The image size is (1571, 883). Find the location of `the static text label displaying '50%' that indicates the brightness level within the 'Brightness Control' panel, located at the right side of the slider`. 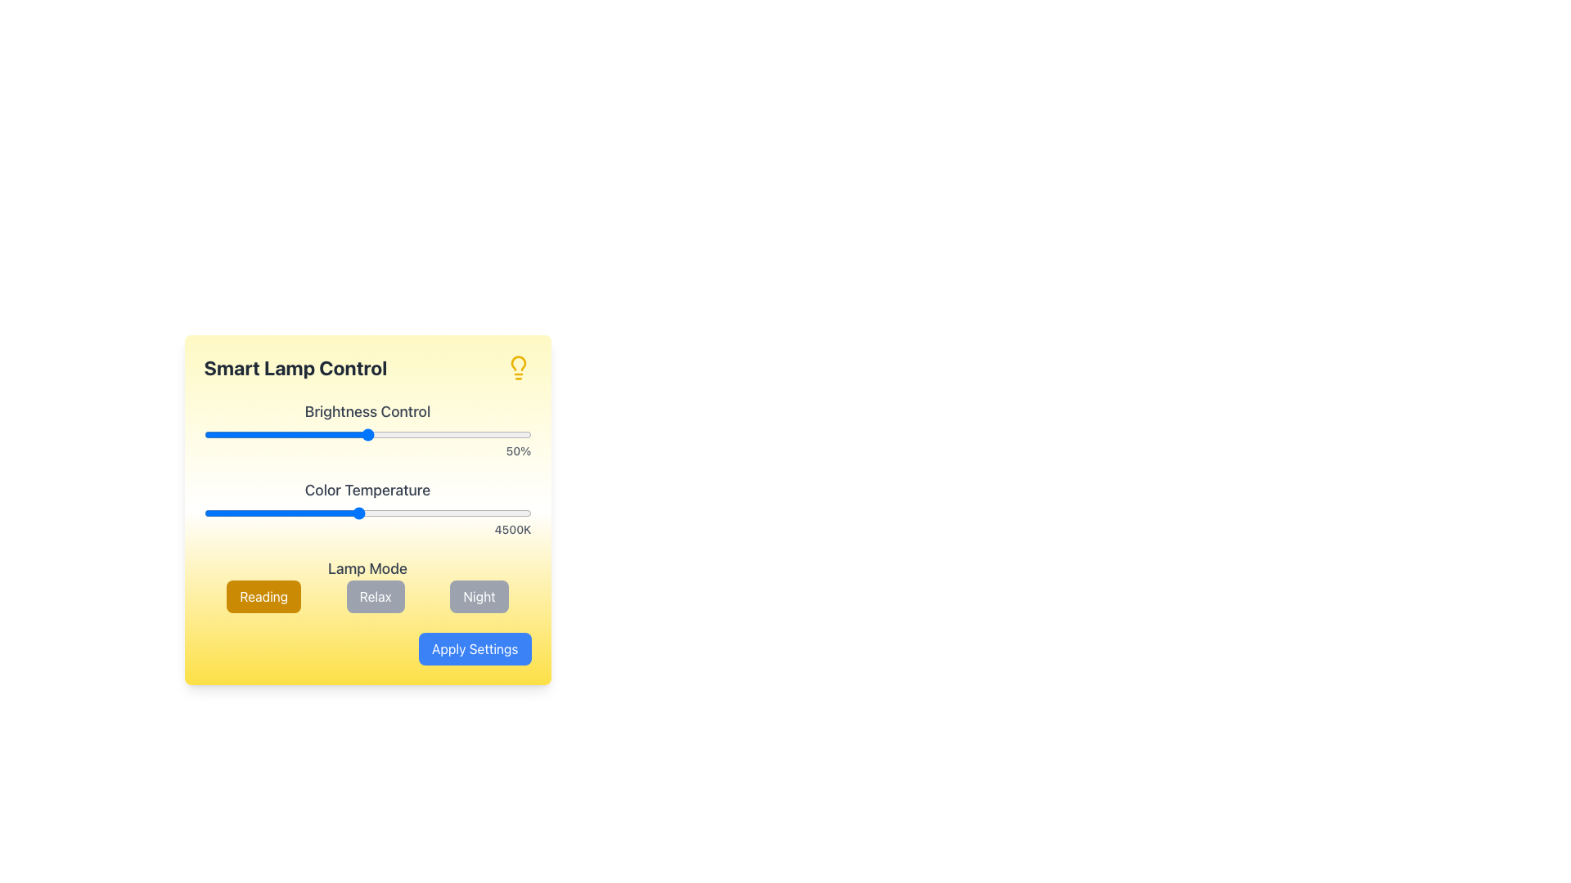

the static text label displaying '50%' that indicates the brightness level within the 'Brightness Control' panel, located at the right side of the slider is located at coordinates (367, 450).